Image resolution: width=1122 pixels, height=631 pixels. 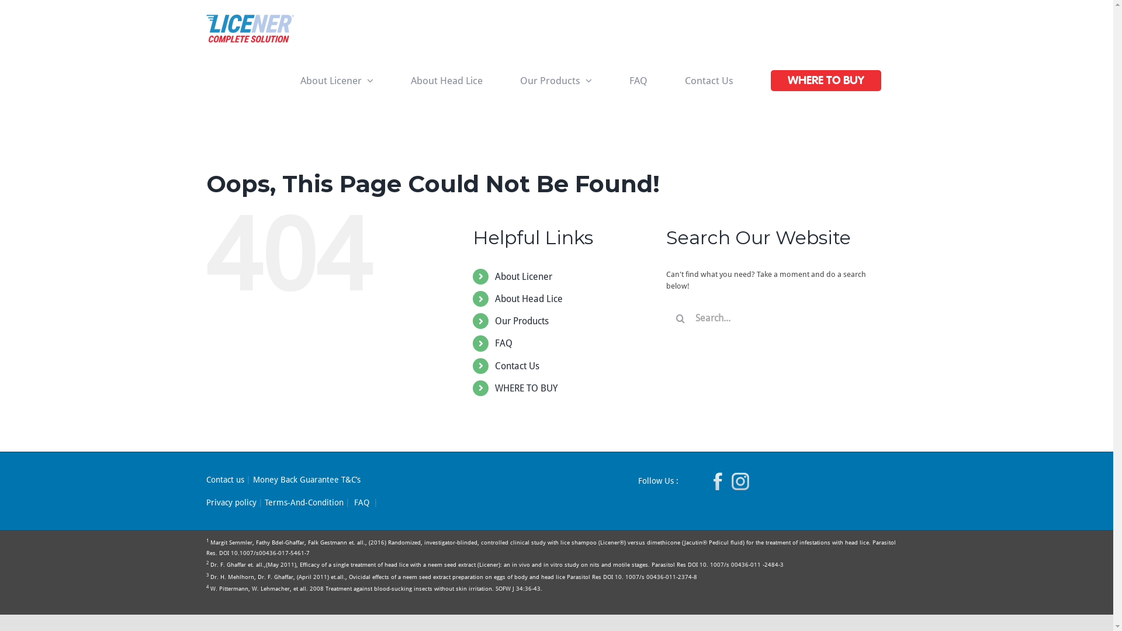 What do you see at coordinates (494, 365) in the screenshot?
I see `'Contact Us'` at bounding box center [494, 365].